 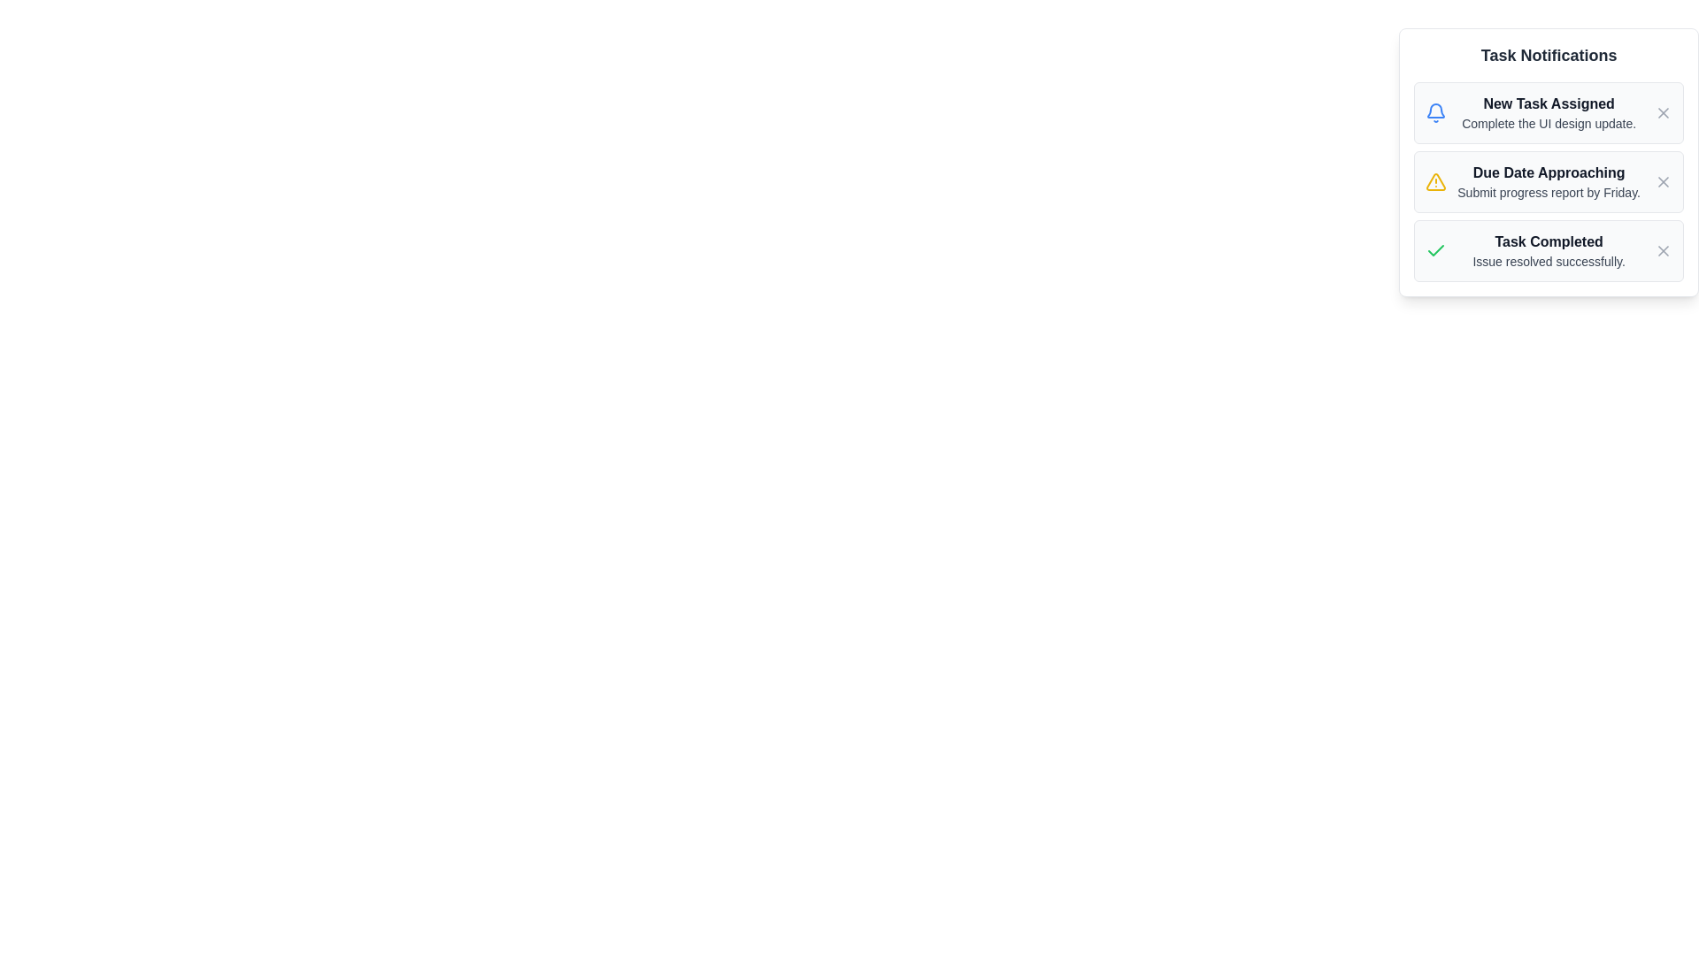 What do you see at coordinates (1548, 112) in the screenshot?
I see `the notification message indicating a new task assigned` at bounding box center [1548, 112].